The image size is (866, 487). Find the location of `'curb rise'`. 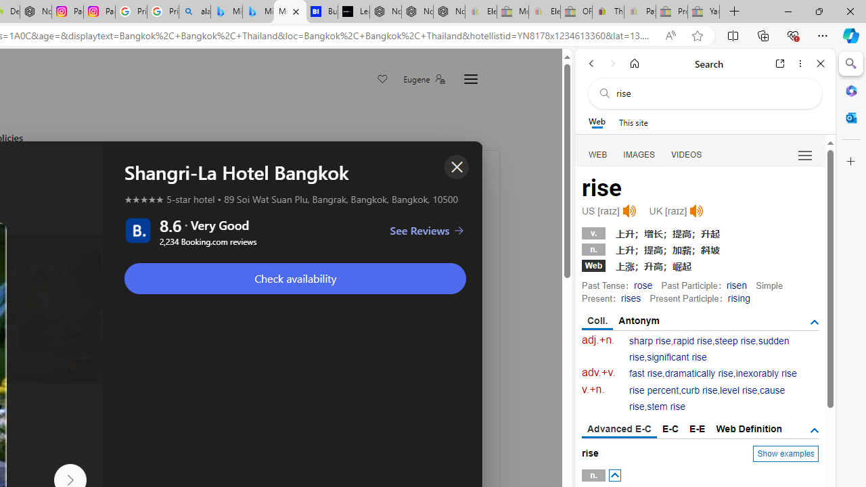

'curb rise' is located at coordinates (699, 390).